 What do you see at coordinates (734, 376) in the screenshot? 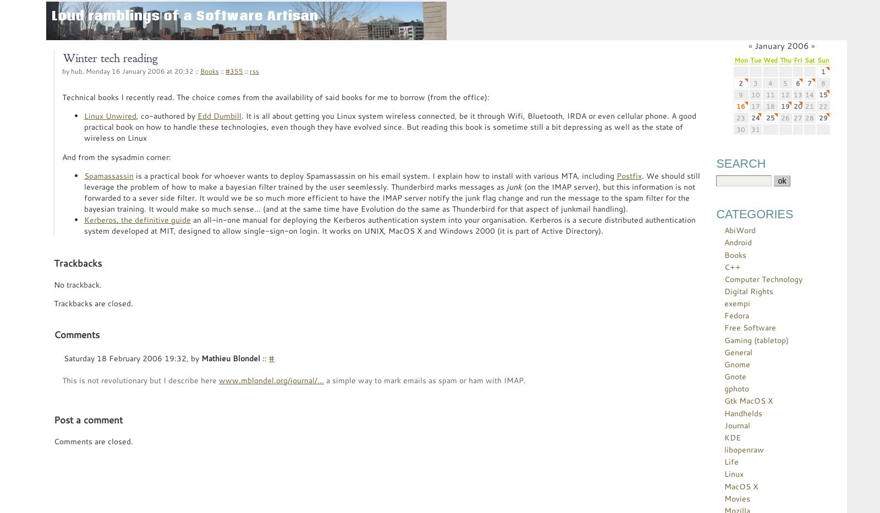
I see `'Gnote'` at bounding box center [734, 376].